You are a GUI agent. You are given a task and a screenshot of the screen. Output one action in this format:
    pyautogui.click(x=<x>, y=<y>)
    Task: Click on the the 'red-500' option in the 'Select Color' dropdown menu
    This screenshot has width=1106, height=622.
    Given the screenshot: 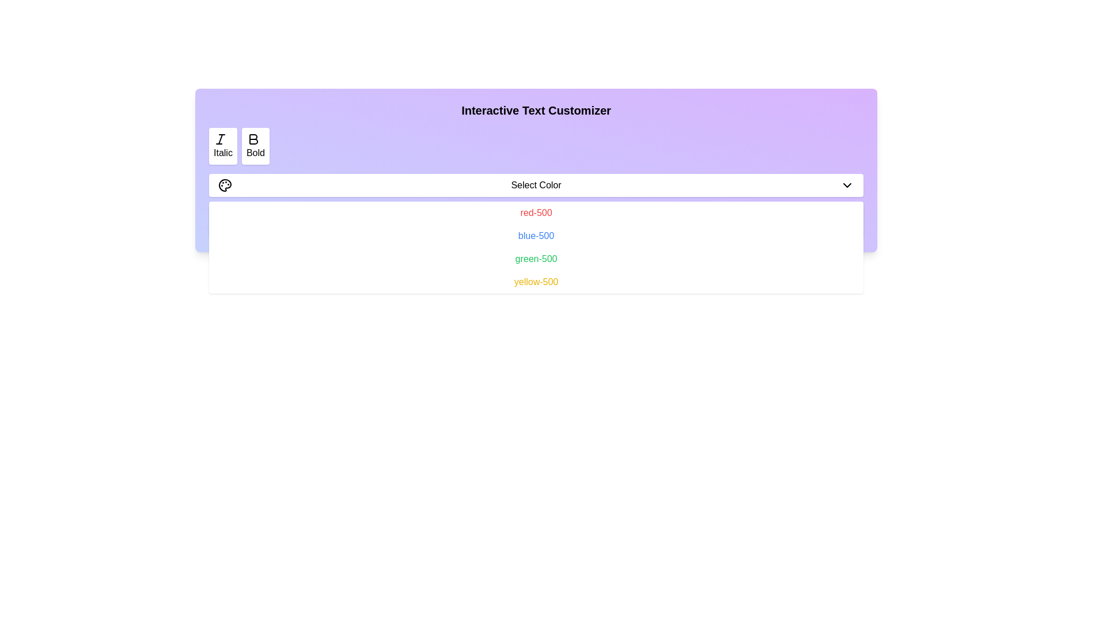 What is the action you would take?
    pyautogui.click(x=536, y=213)
    